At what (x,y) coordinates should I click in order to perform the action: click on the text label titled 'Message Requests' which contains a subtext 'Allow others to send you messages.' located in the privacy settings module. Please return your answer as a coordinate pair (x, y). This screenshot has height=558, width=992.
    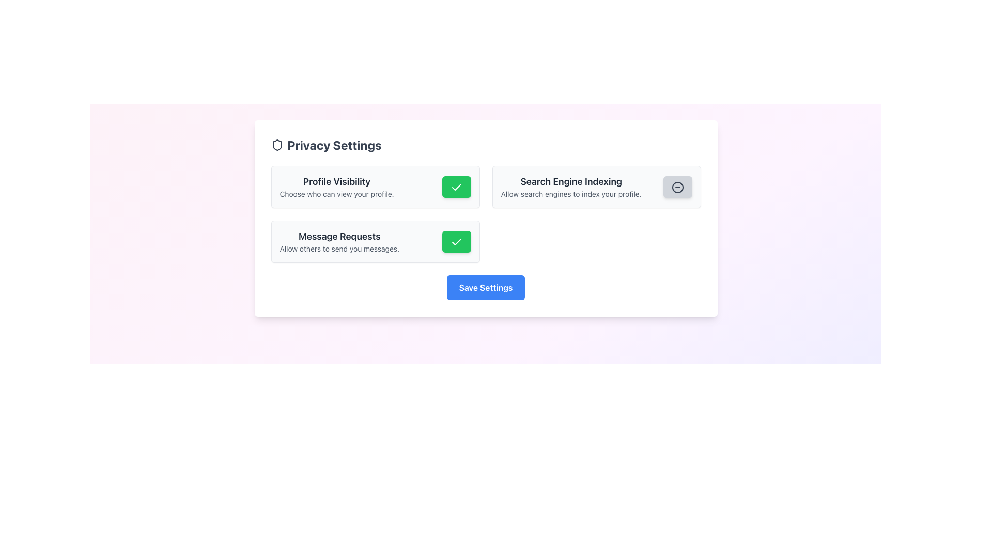
    Looking at the image, I should click on (339, 241).